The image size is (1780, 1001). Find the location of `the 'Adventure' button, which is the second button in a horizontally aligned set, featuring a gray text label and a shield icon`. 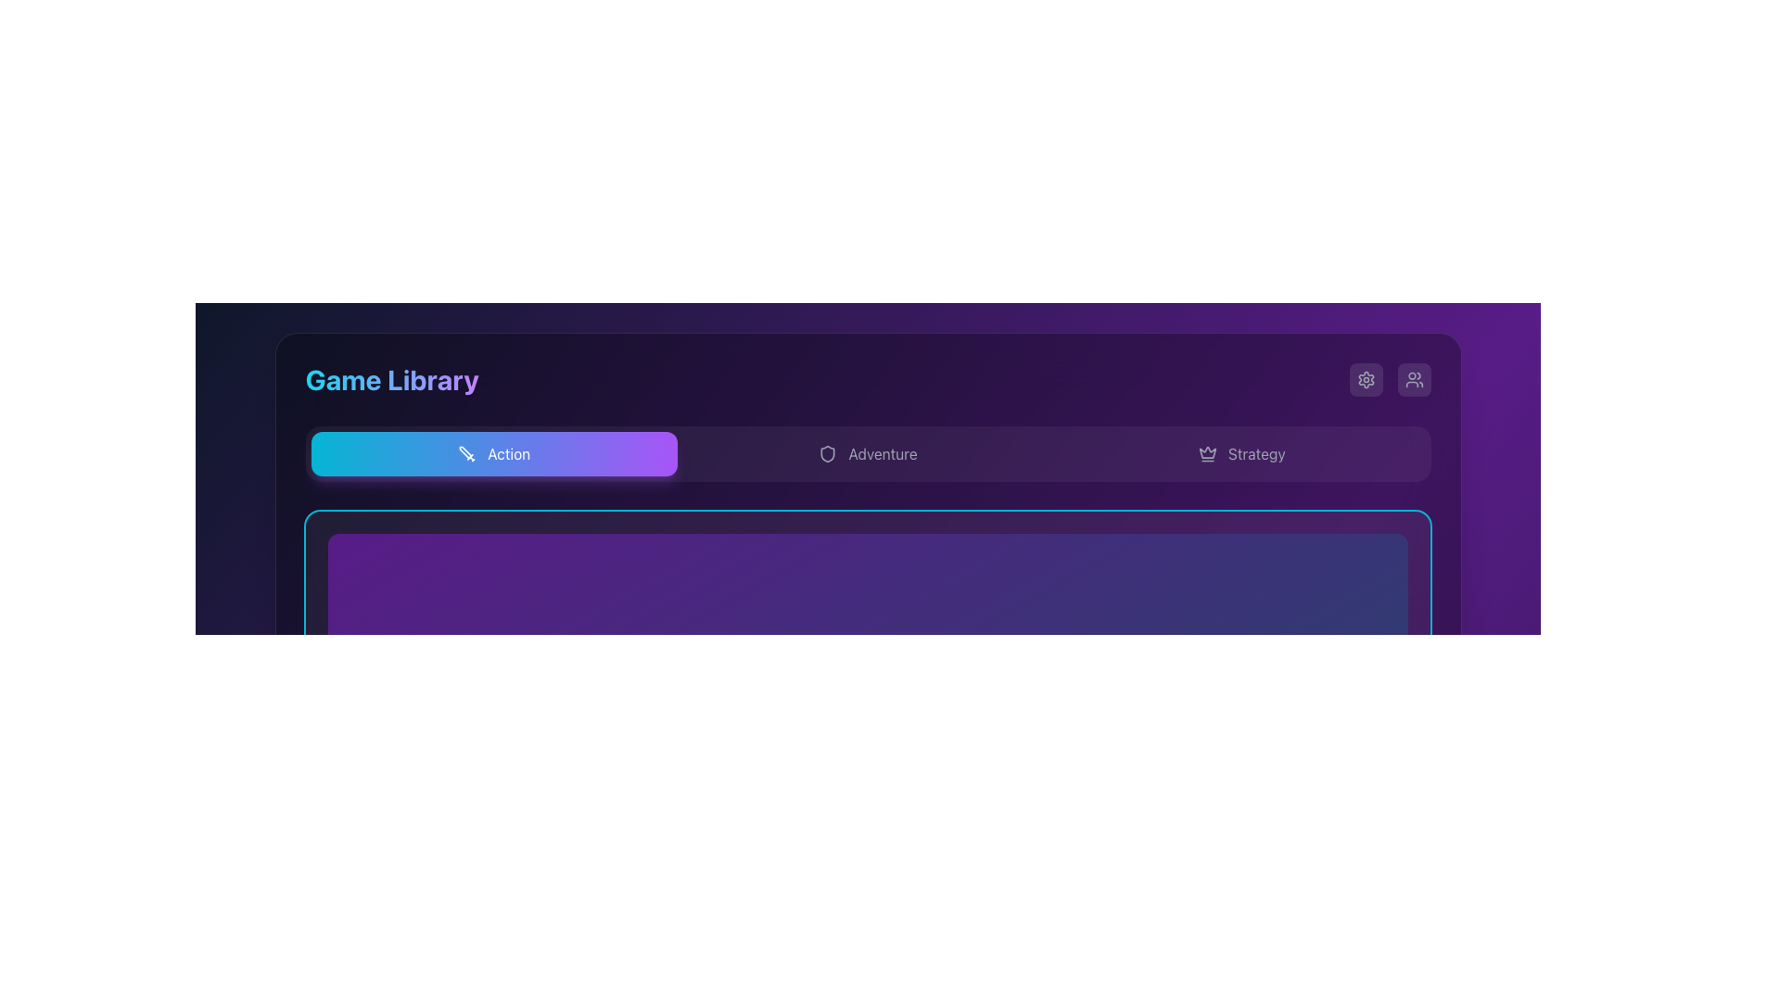

the 'Adventure' button, which is the second button in a horizontally aligned set, featuring a gray text label and a shield icon is located at coordinates (867, 453).